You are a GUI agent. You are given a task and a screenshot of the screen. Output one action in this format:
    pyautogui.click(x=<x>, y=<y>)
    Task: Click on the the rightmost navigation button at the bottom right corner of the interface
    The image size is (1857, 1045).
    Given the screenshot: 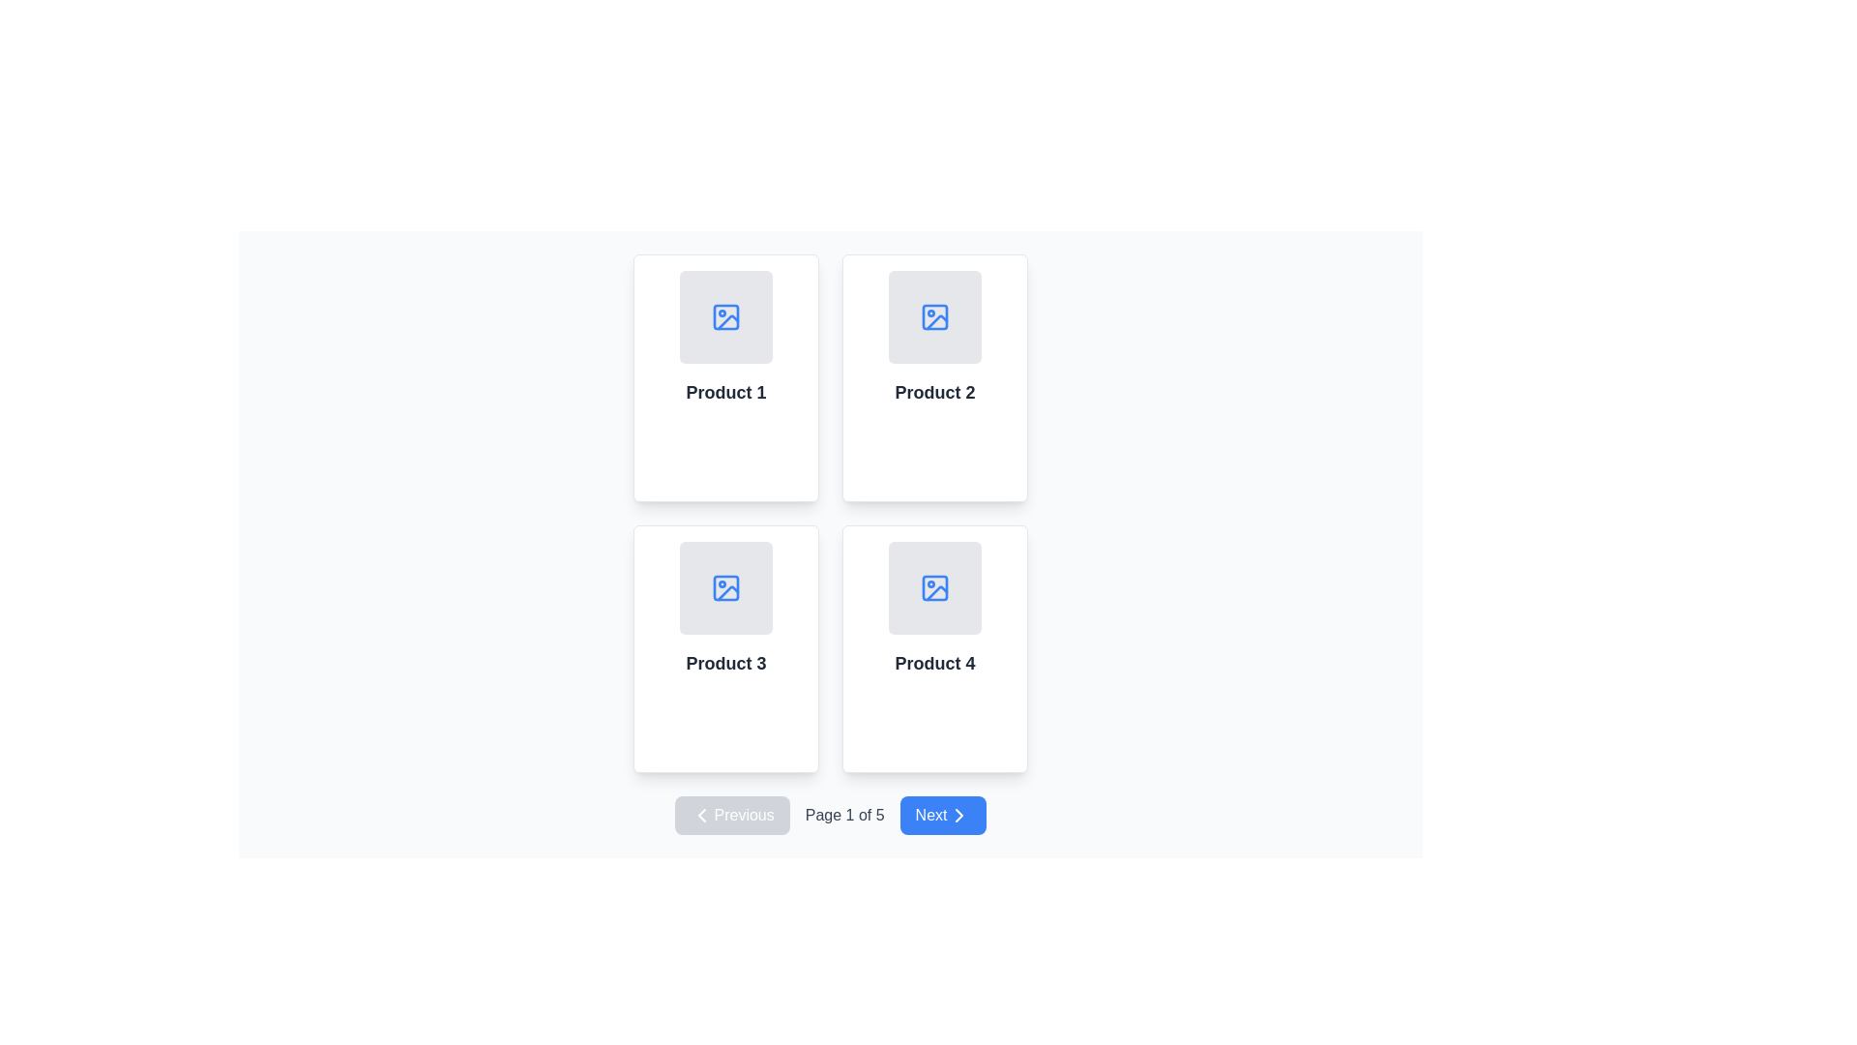 What is the action you would take?
    pyautogui.click(x=942, y=816)
    